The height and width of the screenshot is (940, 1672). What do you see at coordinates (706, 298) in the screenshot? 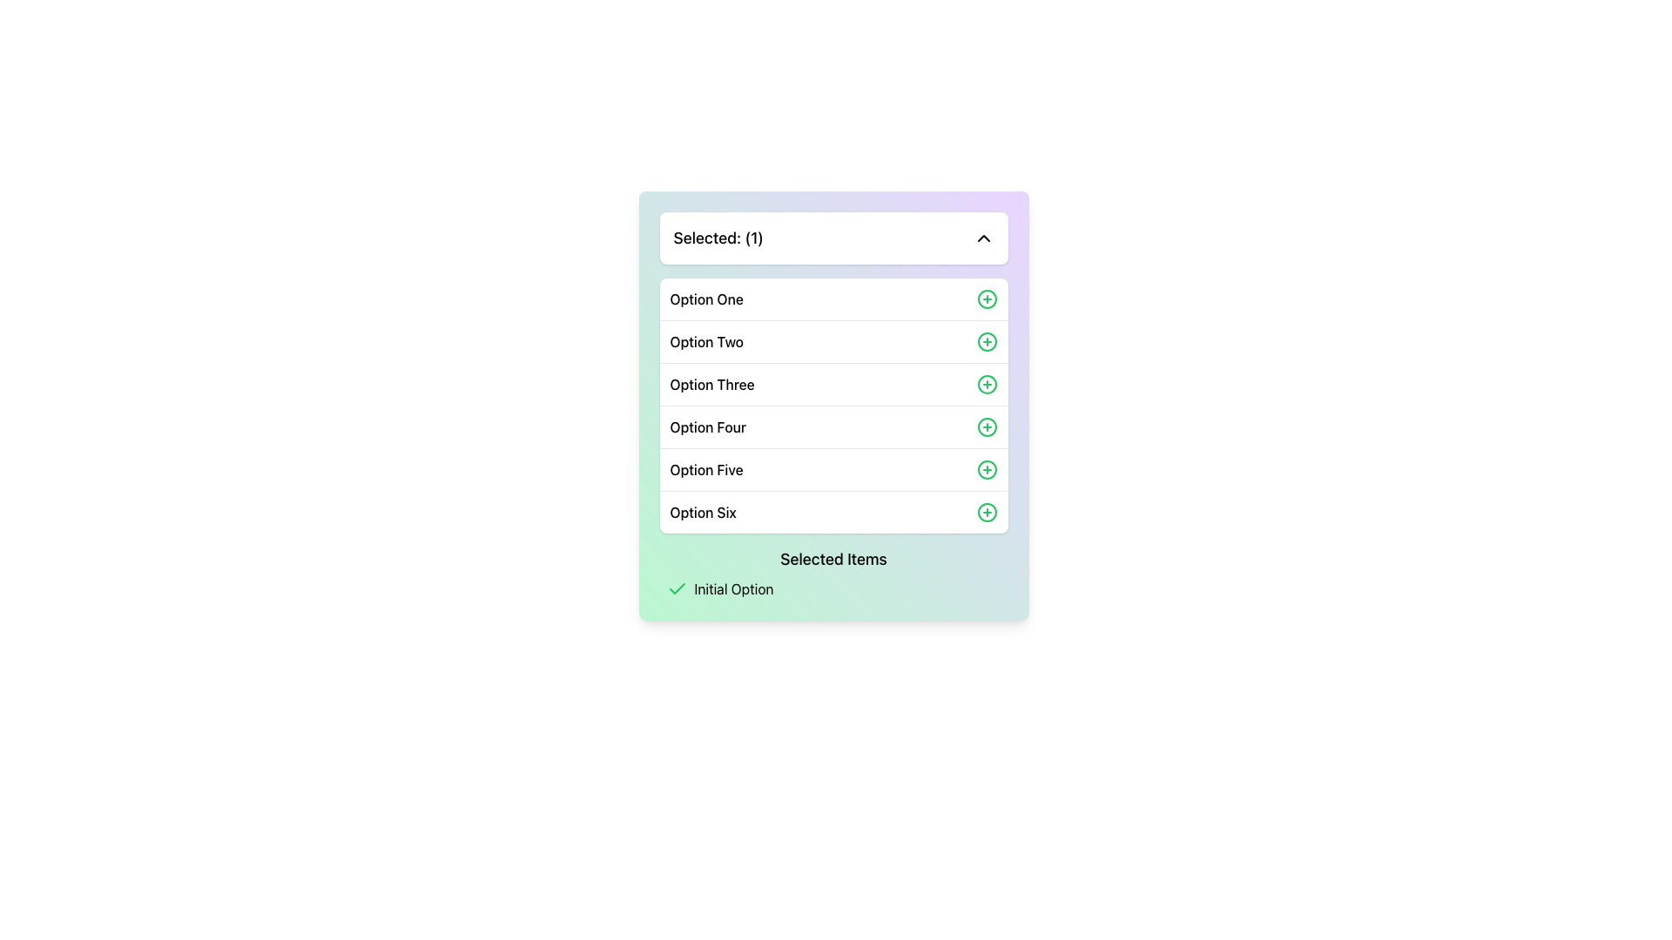
I see `the surrounding row of the dropdown menu` at bounding box center [706, 298].